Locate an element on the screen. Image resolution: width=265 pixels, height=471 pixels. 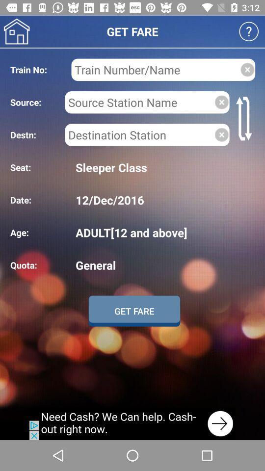
click close option is located at coordinates (221, 134).